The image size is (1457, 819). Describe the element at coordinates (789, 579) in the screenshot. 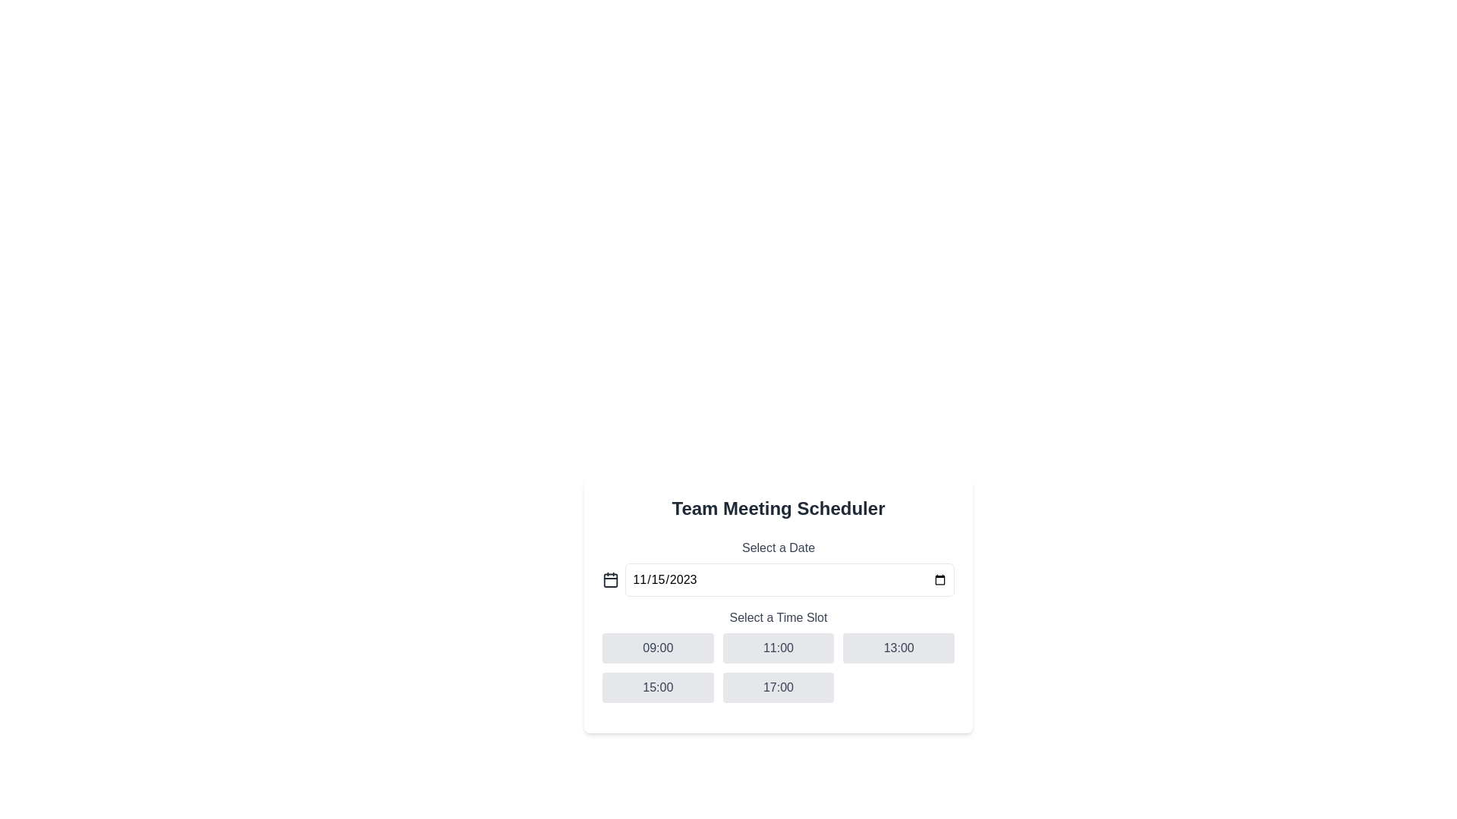

I see `to select portions of the date value in the date input field located below the 'Select a Date' label and` at that location.